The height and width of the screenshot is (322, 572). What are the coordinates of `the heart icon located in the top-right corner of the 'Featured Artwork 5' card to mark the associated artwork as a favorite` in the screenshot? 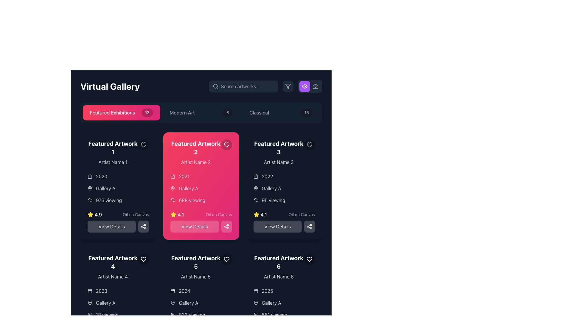 It's located at (226, 259).